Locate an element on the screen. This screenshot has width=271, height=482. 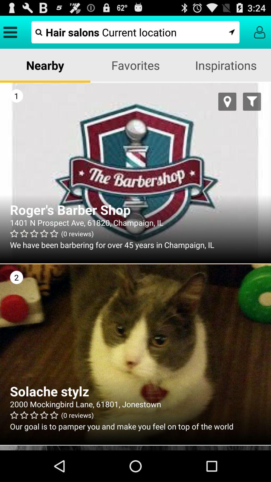
icon next to inspirations icon is located at coordinates (135, 65).